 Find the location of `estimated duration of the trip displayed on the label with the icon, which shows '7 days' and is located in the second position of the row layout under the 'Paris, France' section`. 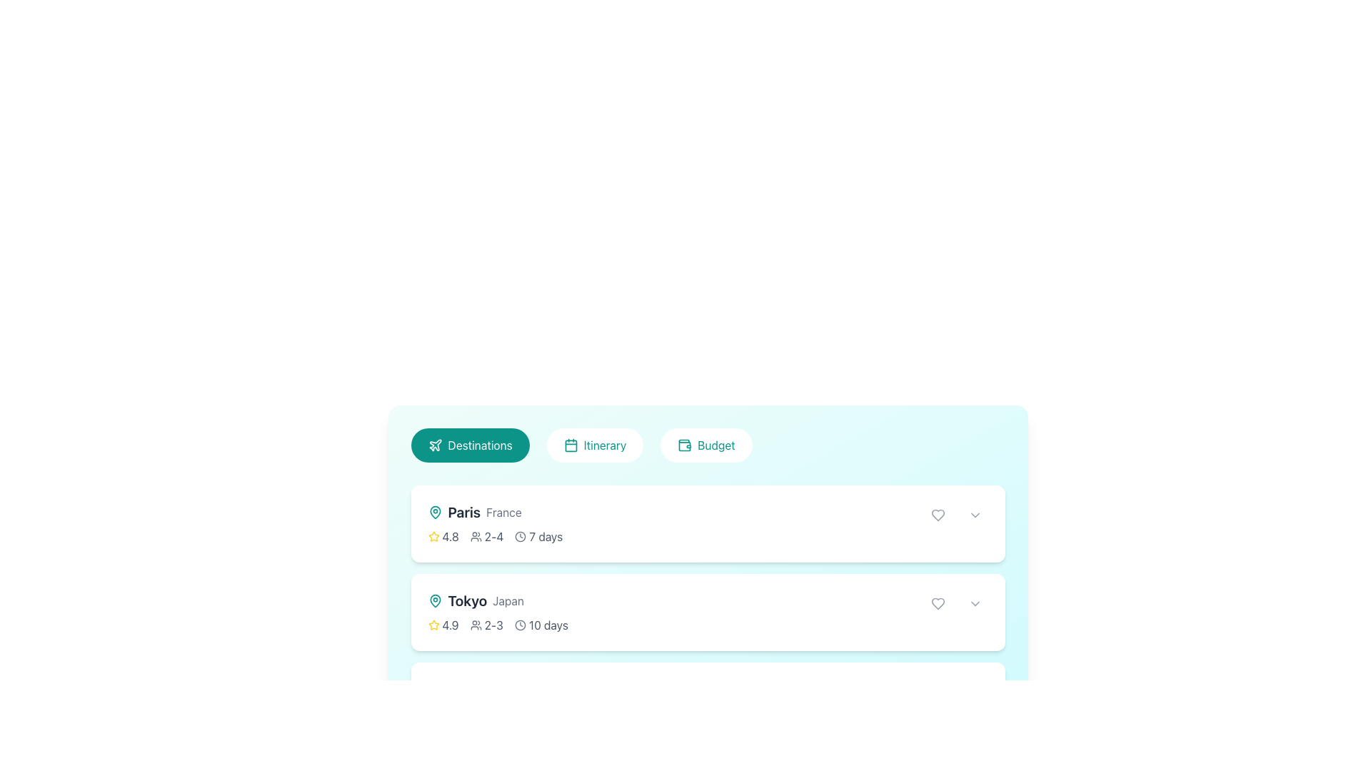

estimated duration of the trip displayed on the label with the icon, which shows '7 days' and is located in the second position of the row layout under the 'Paris, France' section is located at coordinates (538, 537).